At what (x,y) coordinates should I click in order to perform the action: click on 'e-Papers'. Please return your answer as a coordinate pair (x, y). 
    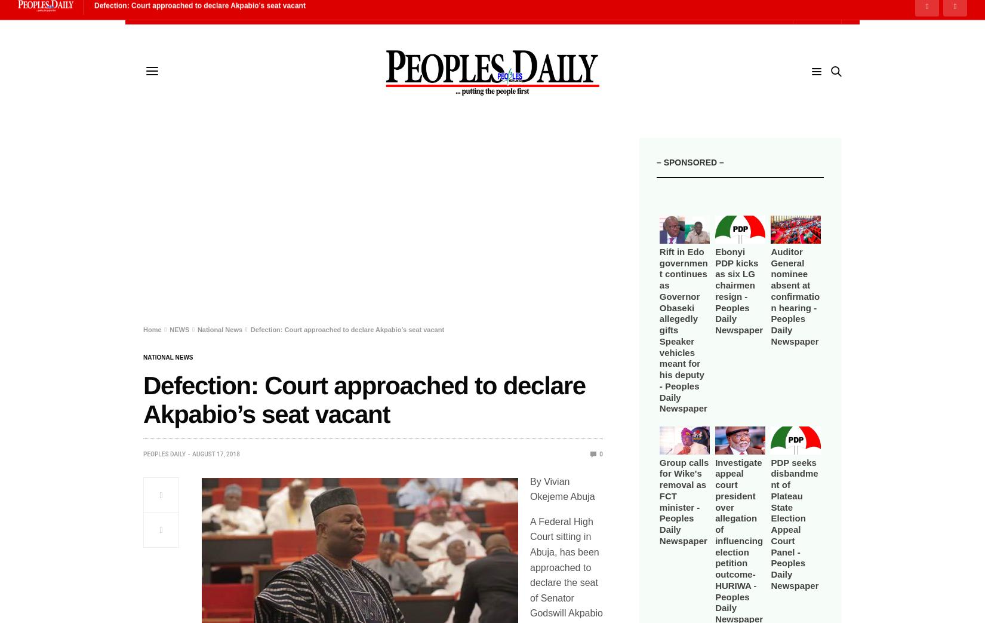
    Looking at the image, I should click on (209, 11).